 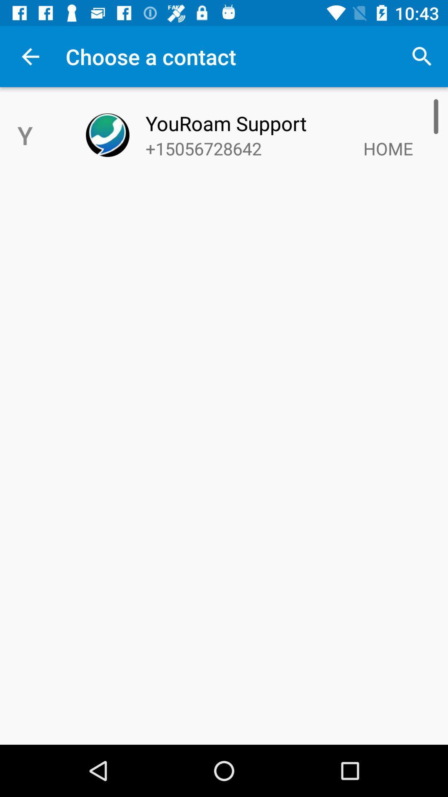 I want to click on the item above youroam support item, so click(x=422, y=56).